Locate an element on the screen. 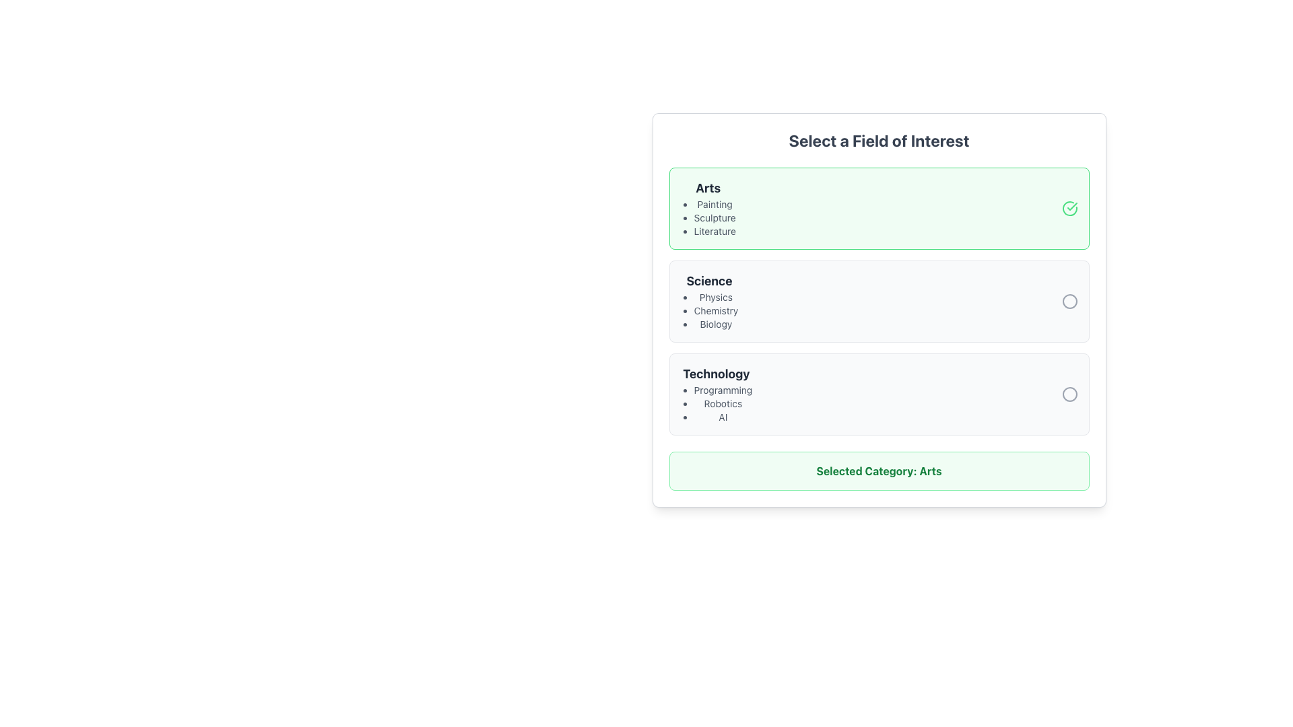 This screenshot has height=727, width=1293. the second selectable list item labeled 'Science', which contains sub-items 'Physics', 'Chemistry', and 'Biology' is located at coordinates (879, 300).